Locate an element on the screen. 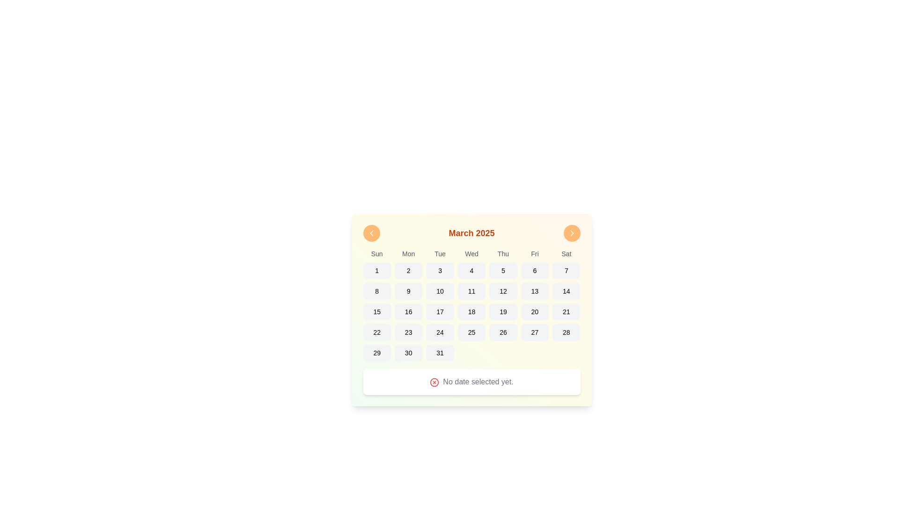  the specific date within the central calendar component, which is visually represented by a light-gray rounded rectangle in the grid layout below the heading 'March 2025' is located at coordinates (472, 310).